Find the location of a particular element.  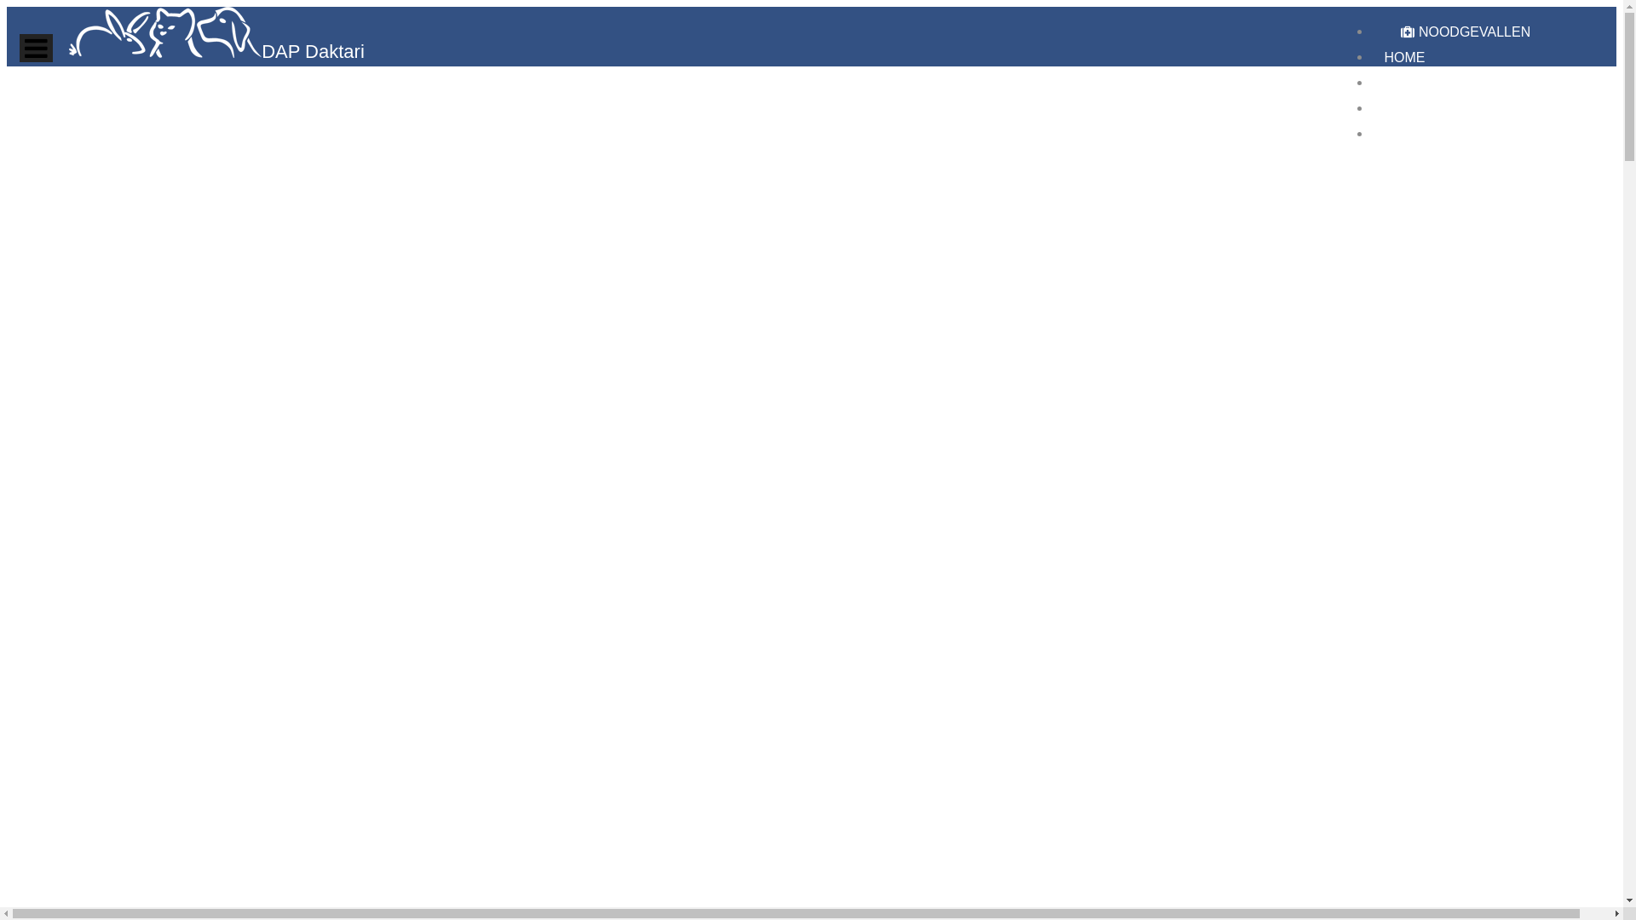

'AFHALEN VOEDING & MEDICATIE' is located at coordinates (1492, 83).